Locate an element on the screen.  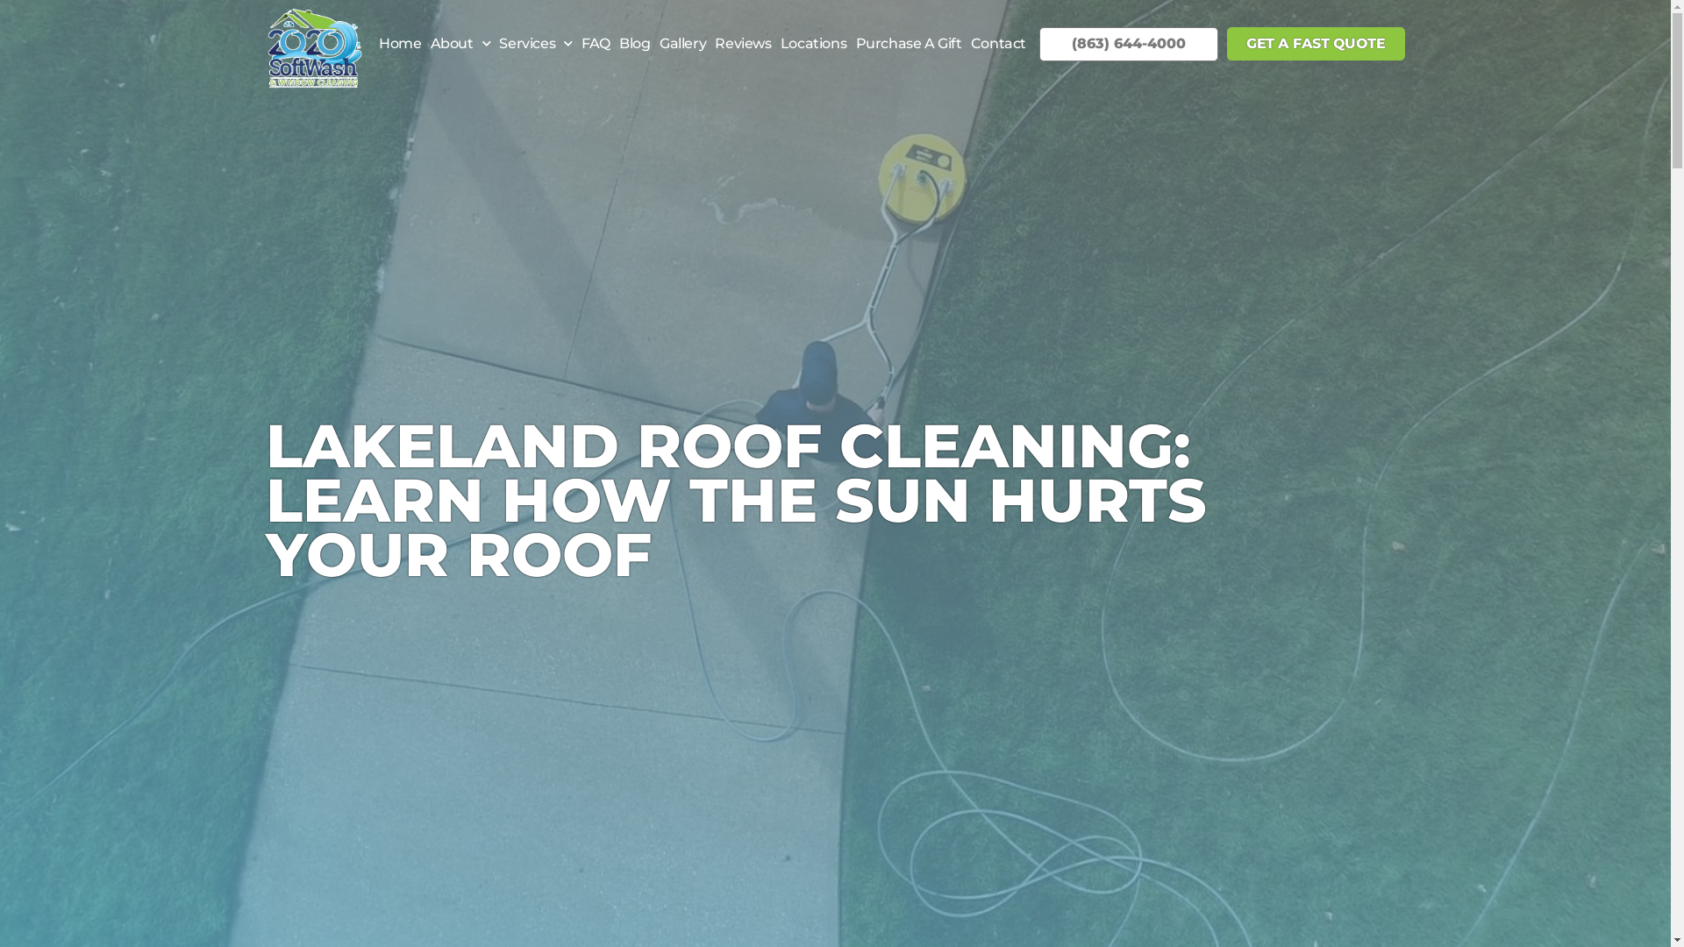
'(863) 644-4000' is located at coordinates (1128, 42).